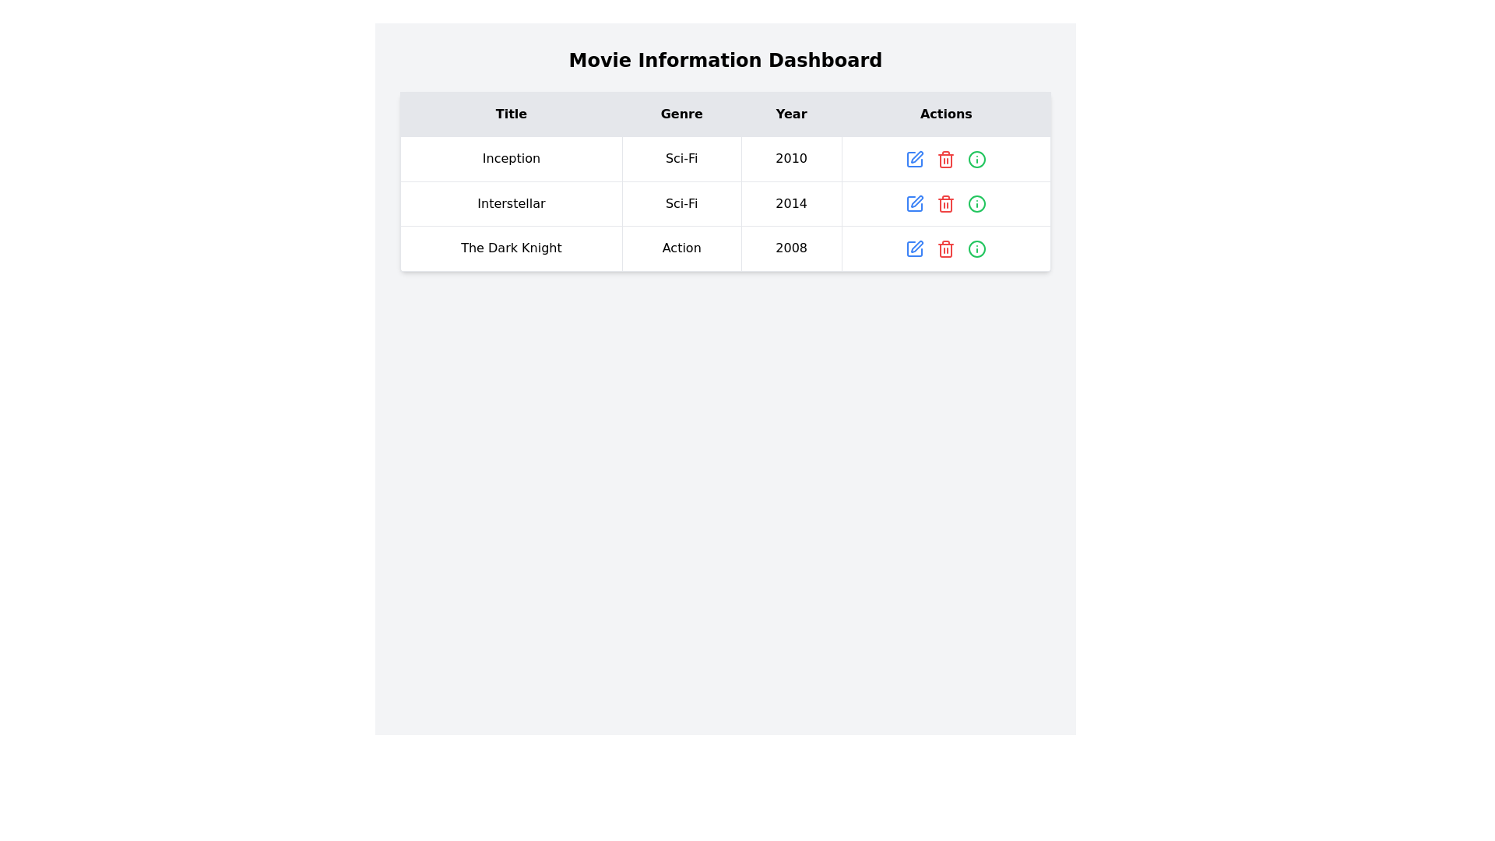 The image size is (1495, 841). Describe the element at coordinates (945, 248) in the screenshot. I see `the delete record icon located in the second position of the action column in the third row of the table` at that location.